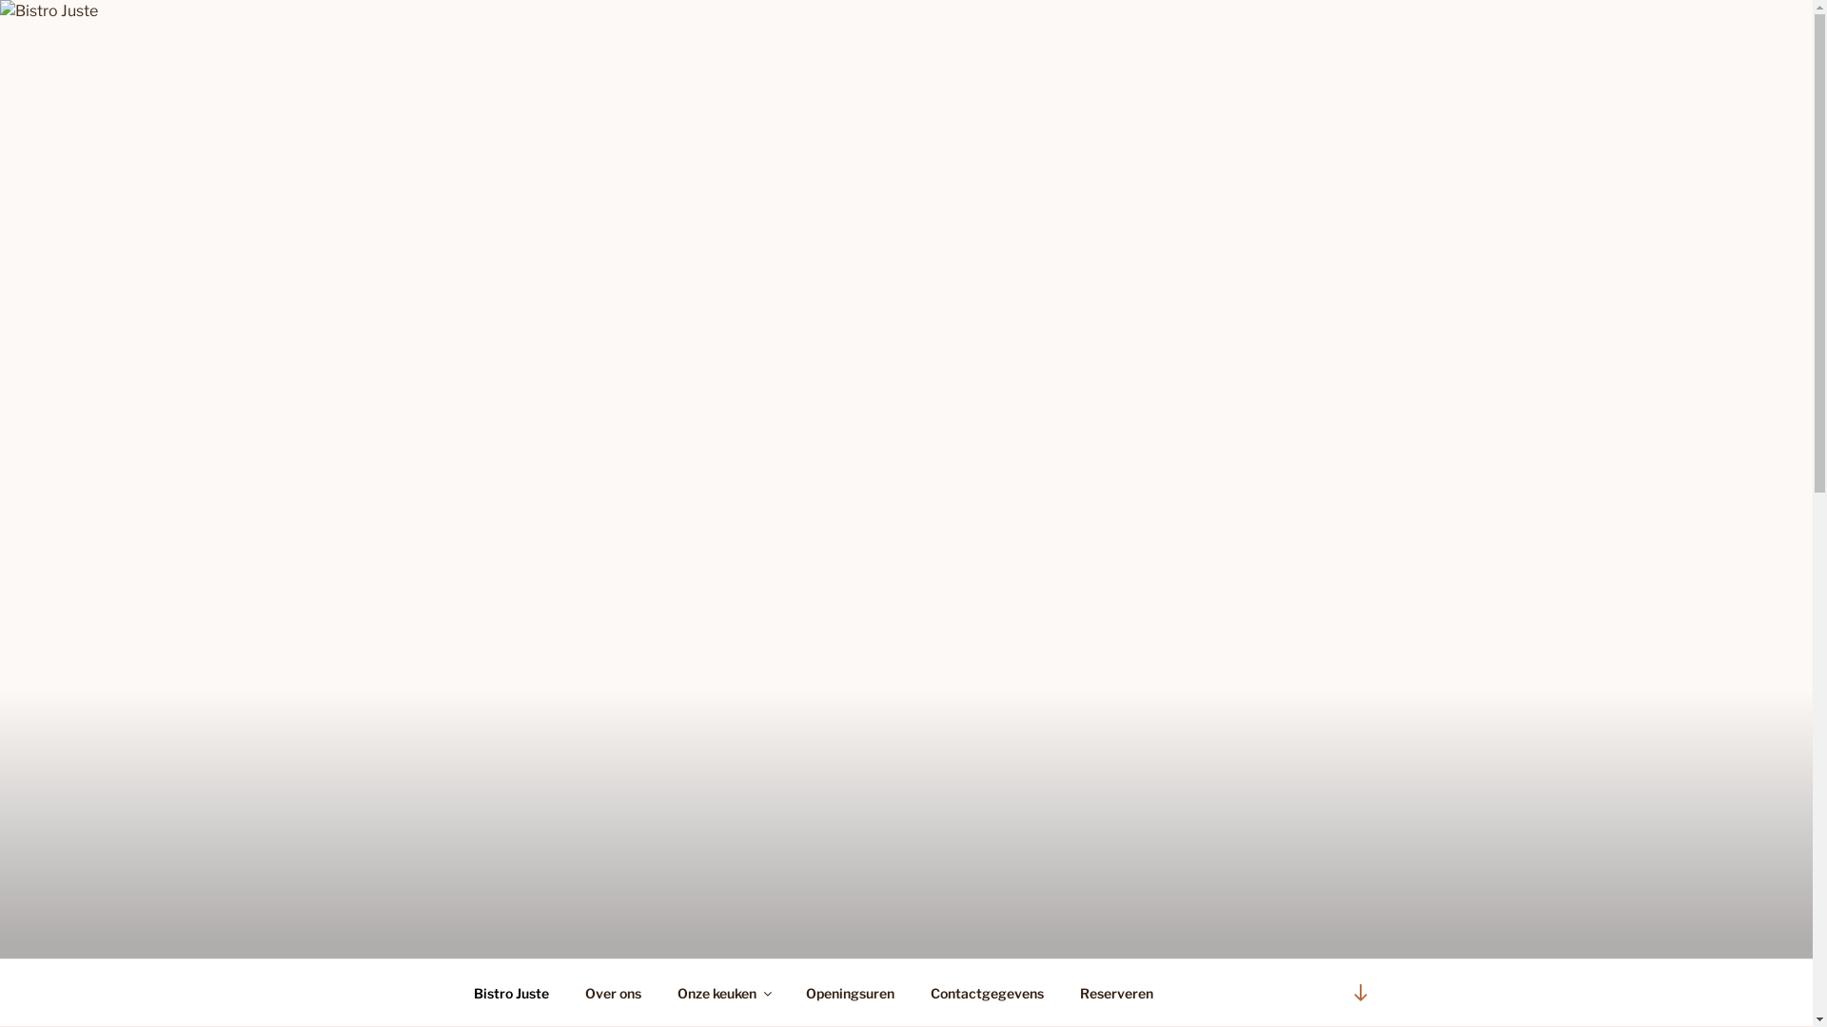 This screenshot has width=1827, height=1027. What do you see at coordinates (986, 992) in the screenshot?
I see `'Contactgegevens'` at bounding box center [986, 992].